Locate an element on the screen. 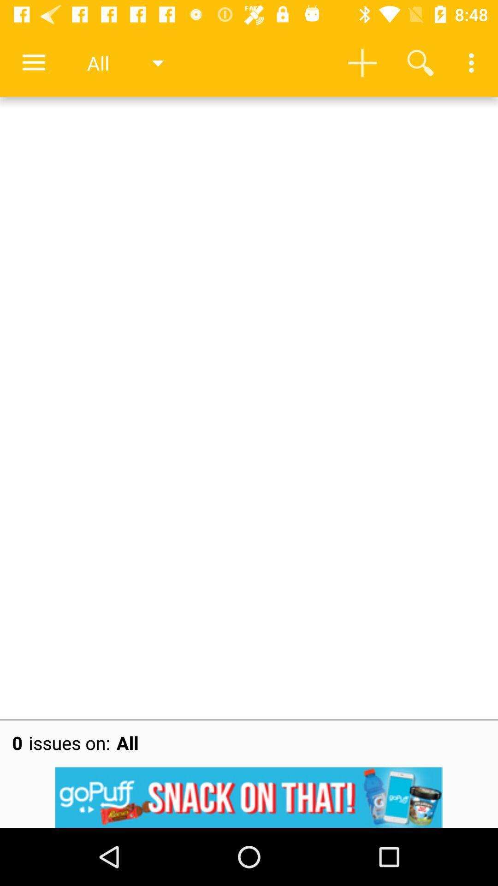 This screenshot has height=886, width=498. advertisement link image is located at coordinates (249, 797).